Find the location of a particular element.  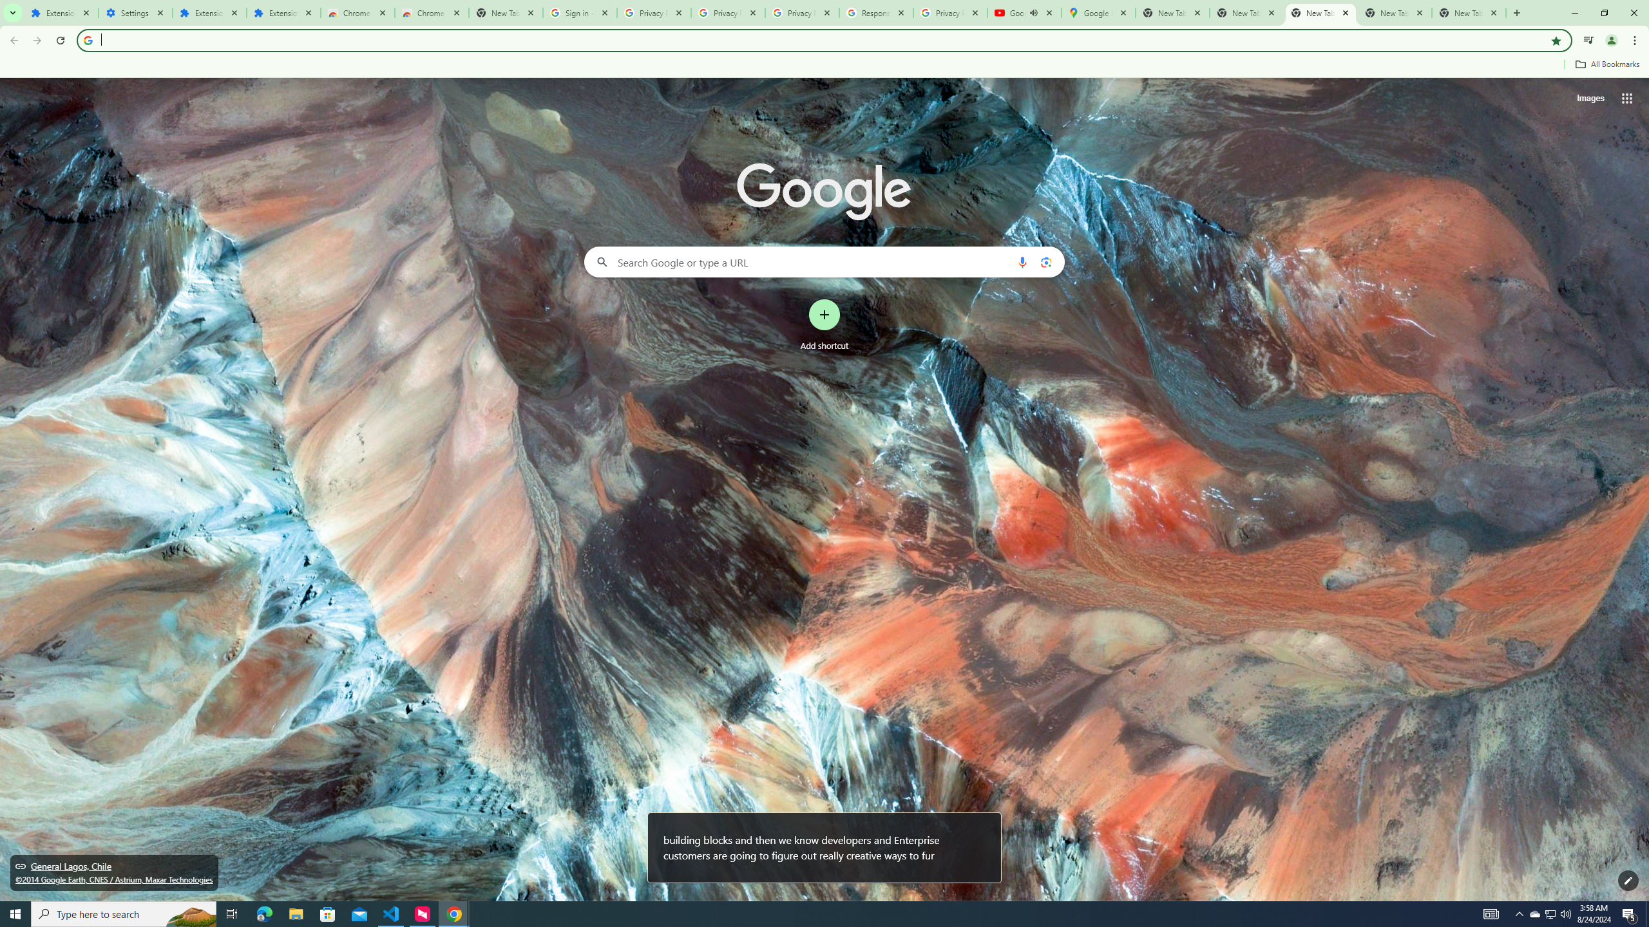

'Add shortcut' is located at coordinates (824, 325).